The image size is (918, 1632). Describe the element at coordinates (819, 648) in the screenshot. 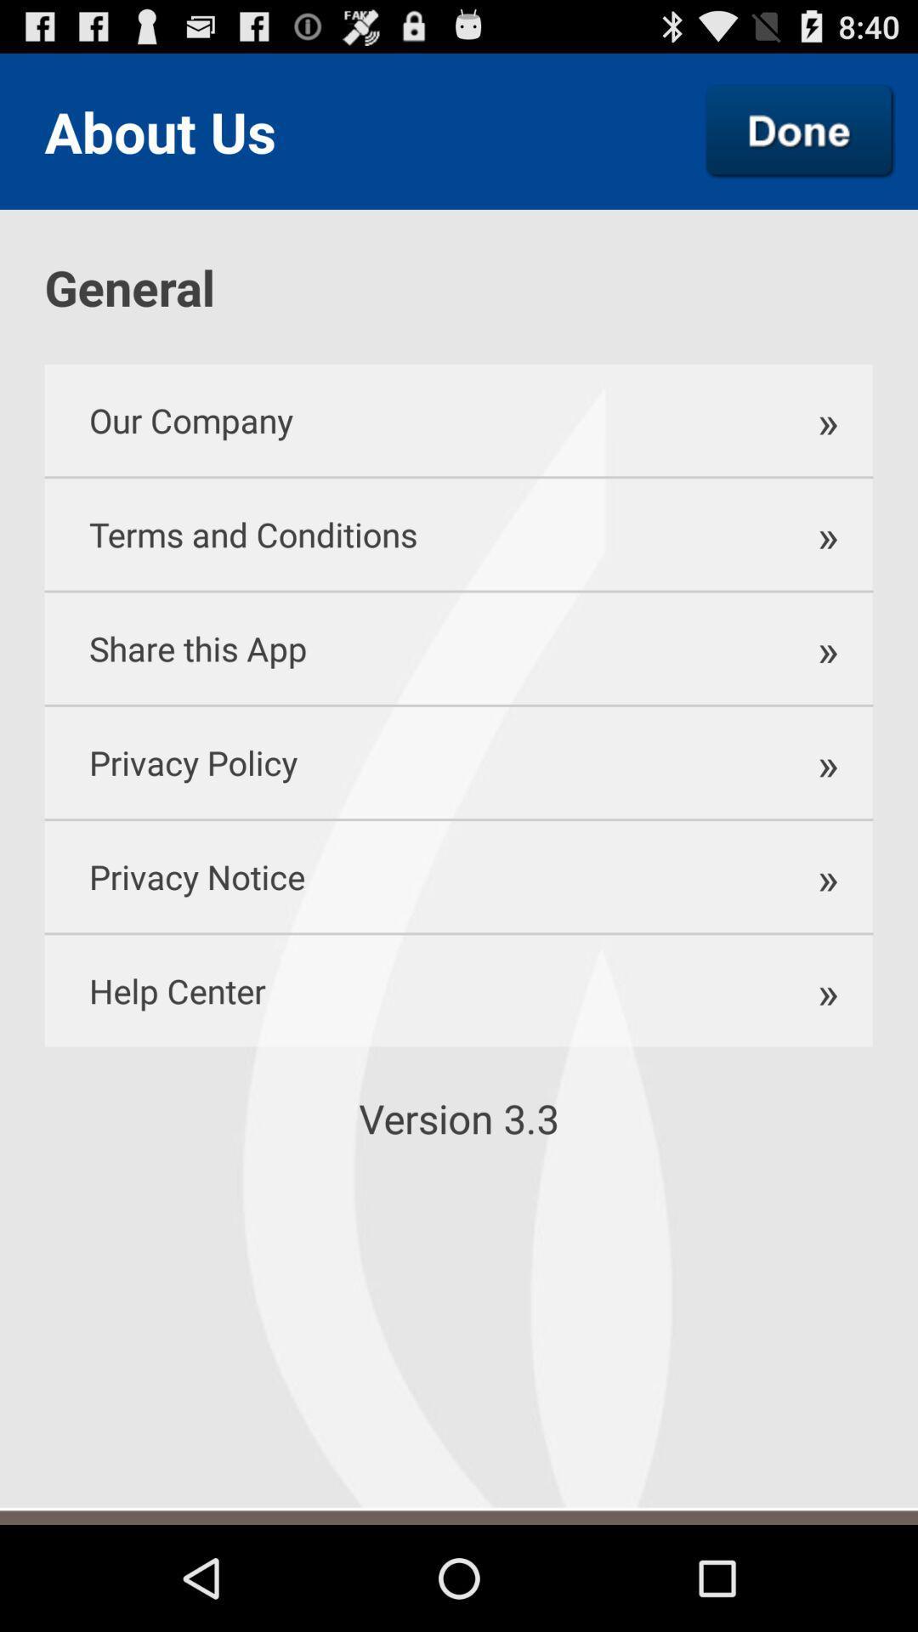

I see `icon next to share this app button` at that location.